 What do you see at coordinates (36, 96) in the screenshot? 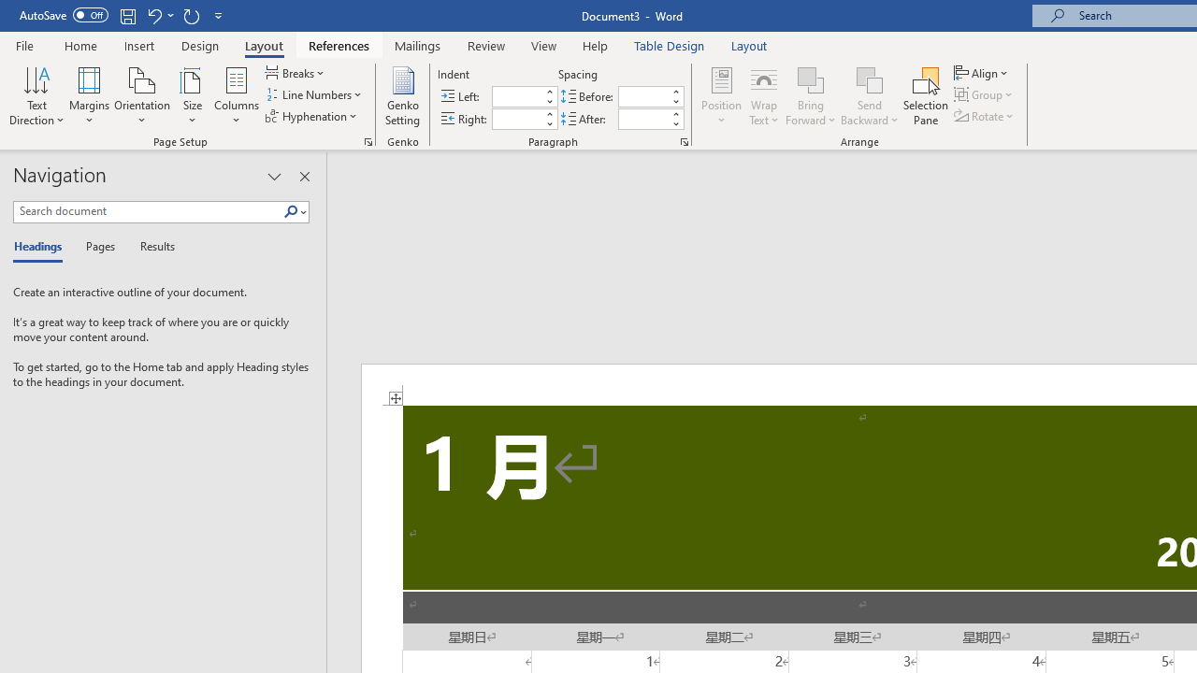
I see `'Text Direction'` at bounding box center [36, 96].